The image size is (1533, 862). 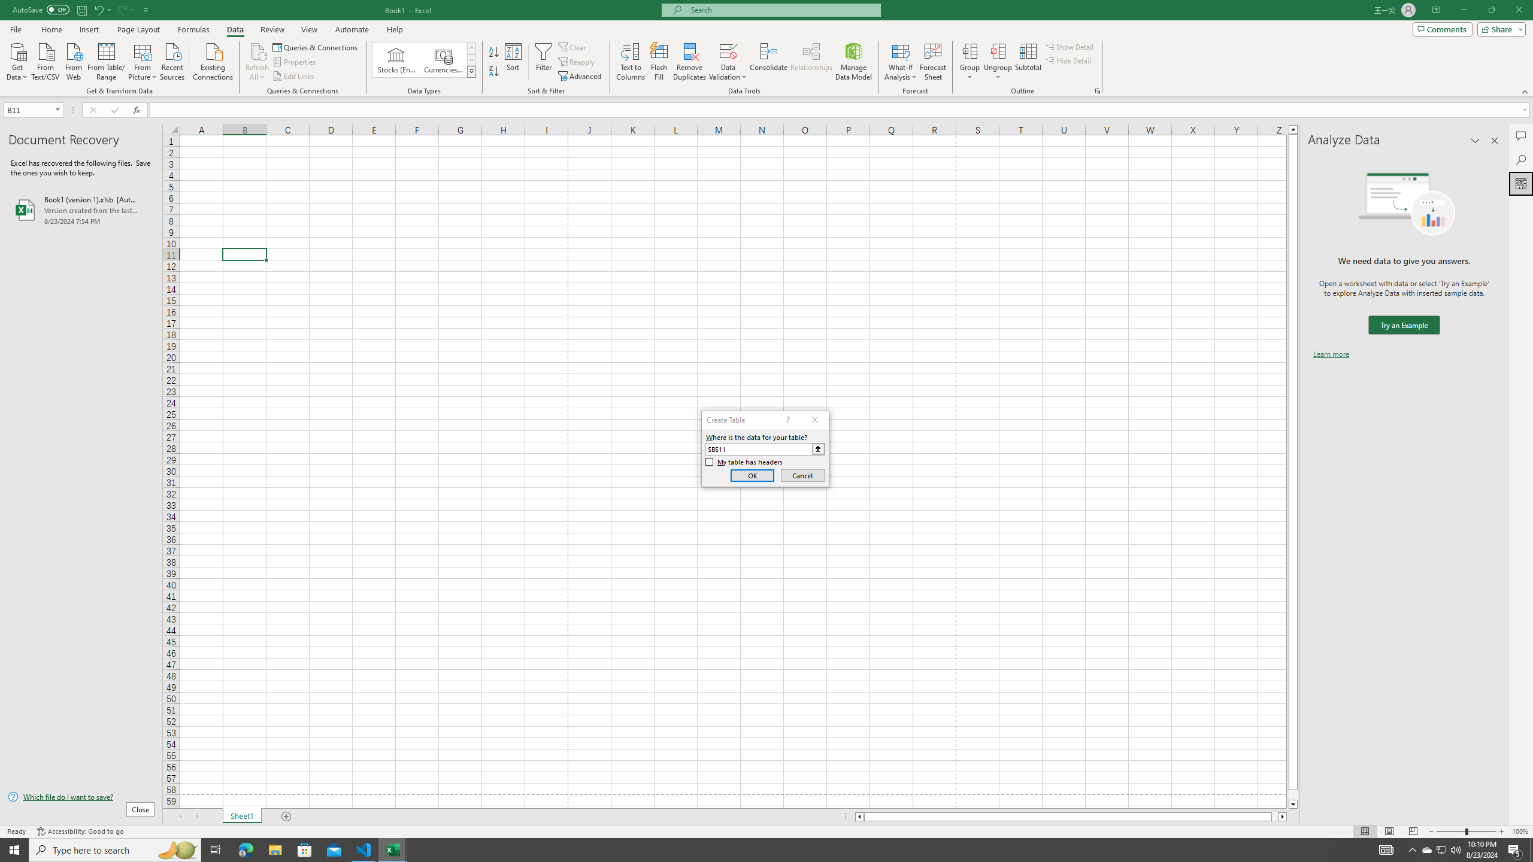 What do you see at coordinates (41, 9) in the screenshot?
I see `'AutoSave'` at bounding box center [41, 9].